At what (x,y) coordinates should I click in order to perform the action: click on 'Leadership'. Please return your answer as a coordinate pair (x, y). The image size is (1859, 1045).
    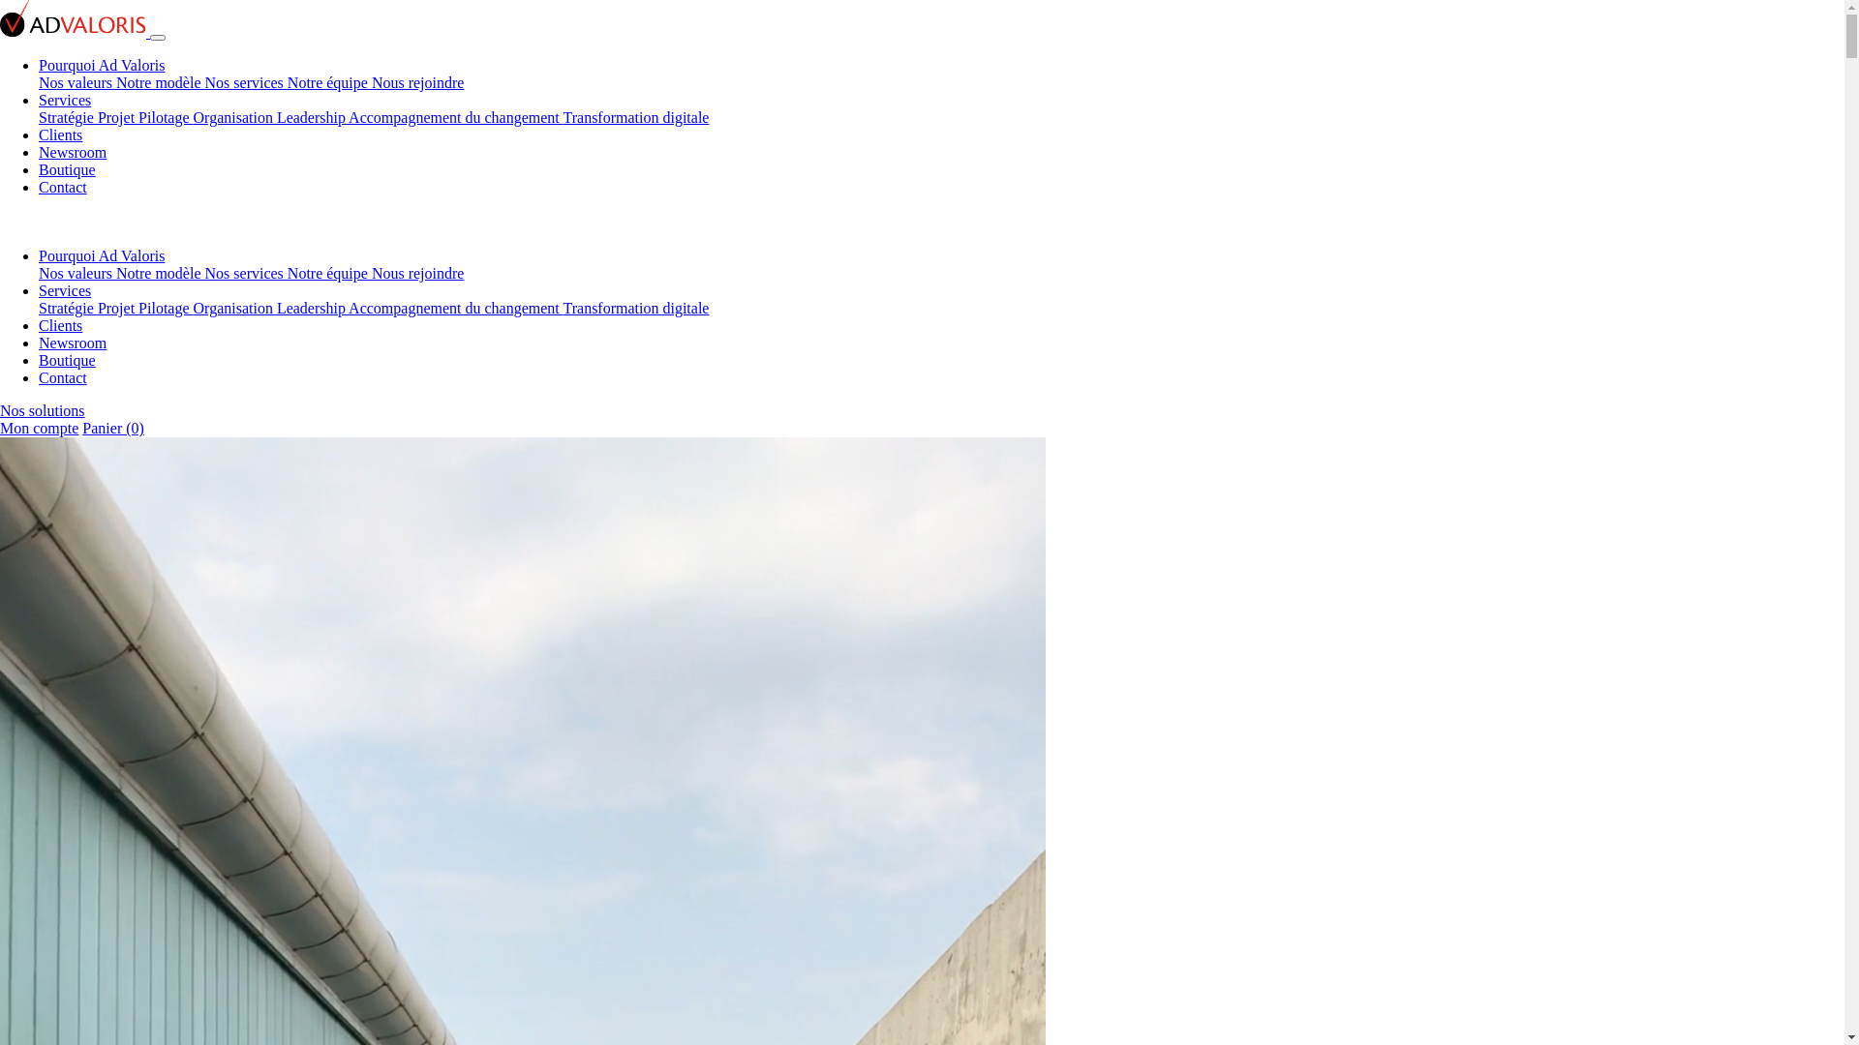
    Looking at the image, I should click on (312, 117).